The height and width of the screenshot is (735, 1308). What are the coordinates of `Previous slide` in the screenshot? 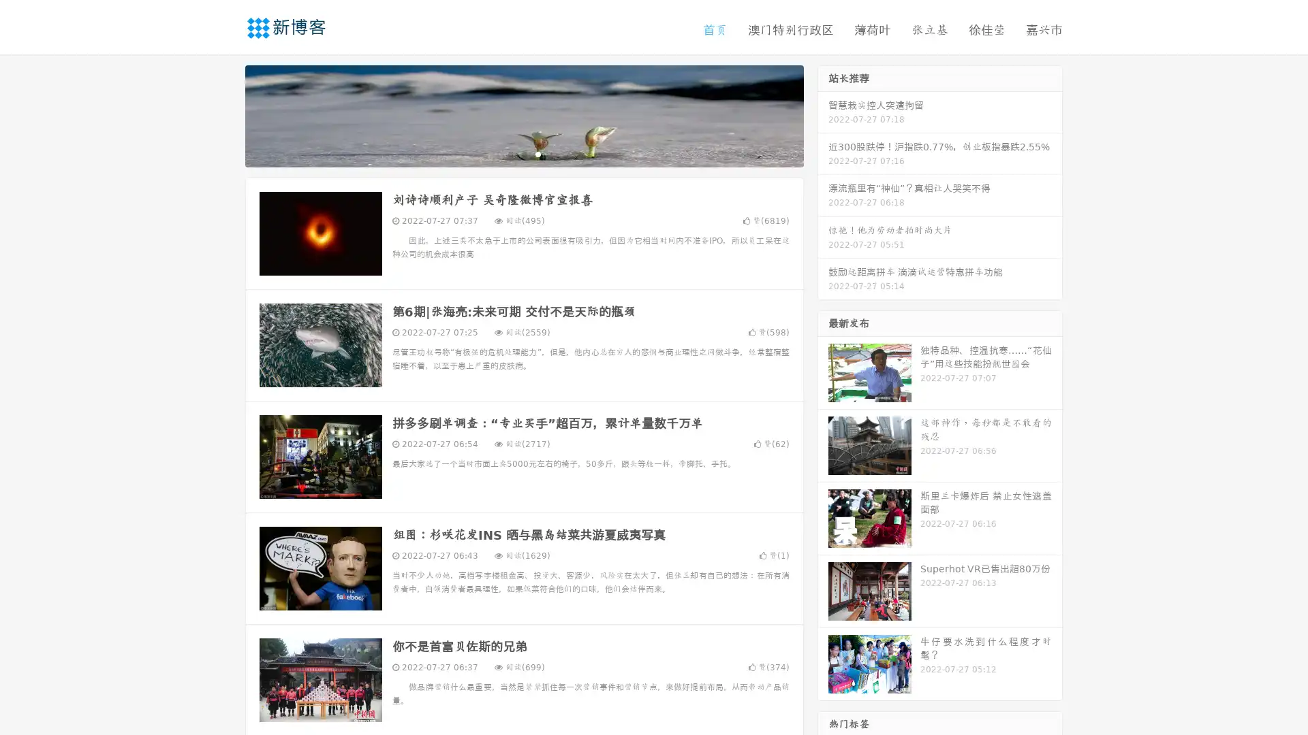 It's located at (225, 114).